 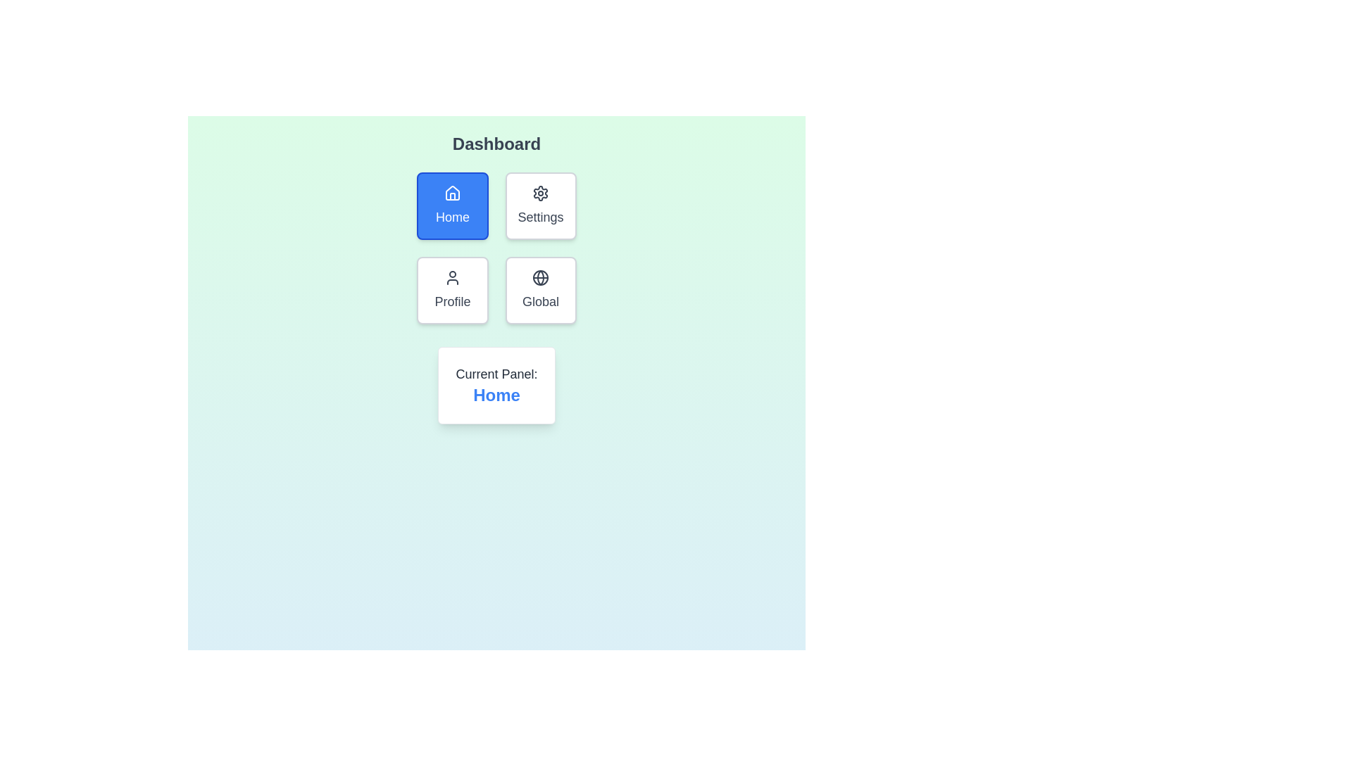 I want to click on the button for the Profile panel, so click(x=453, y=289).